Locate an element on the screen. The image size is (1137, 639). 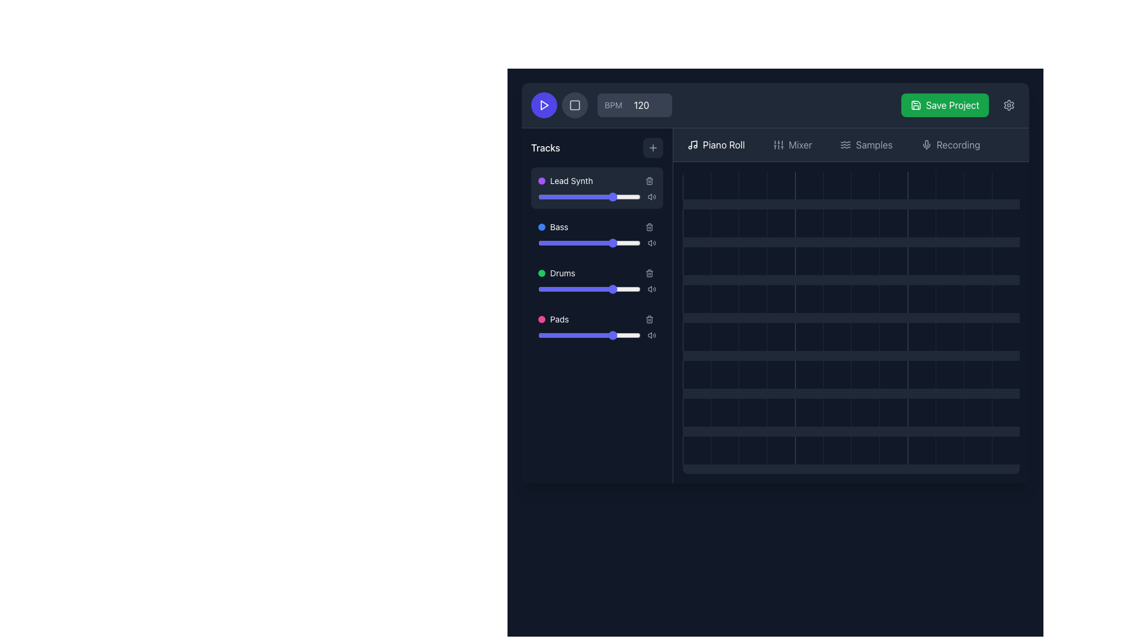
the interactive grid block located in the bottom-right corner of the grid layout is located at coordinates (1005, 260).